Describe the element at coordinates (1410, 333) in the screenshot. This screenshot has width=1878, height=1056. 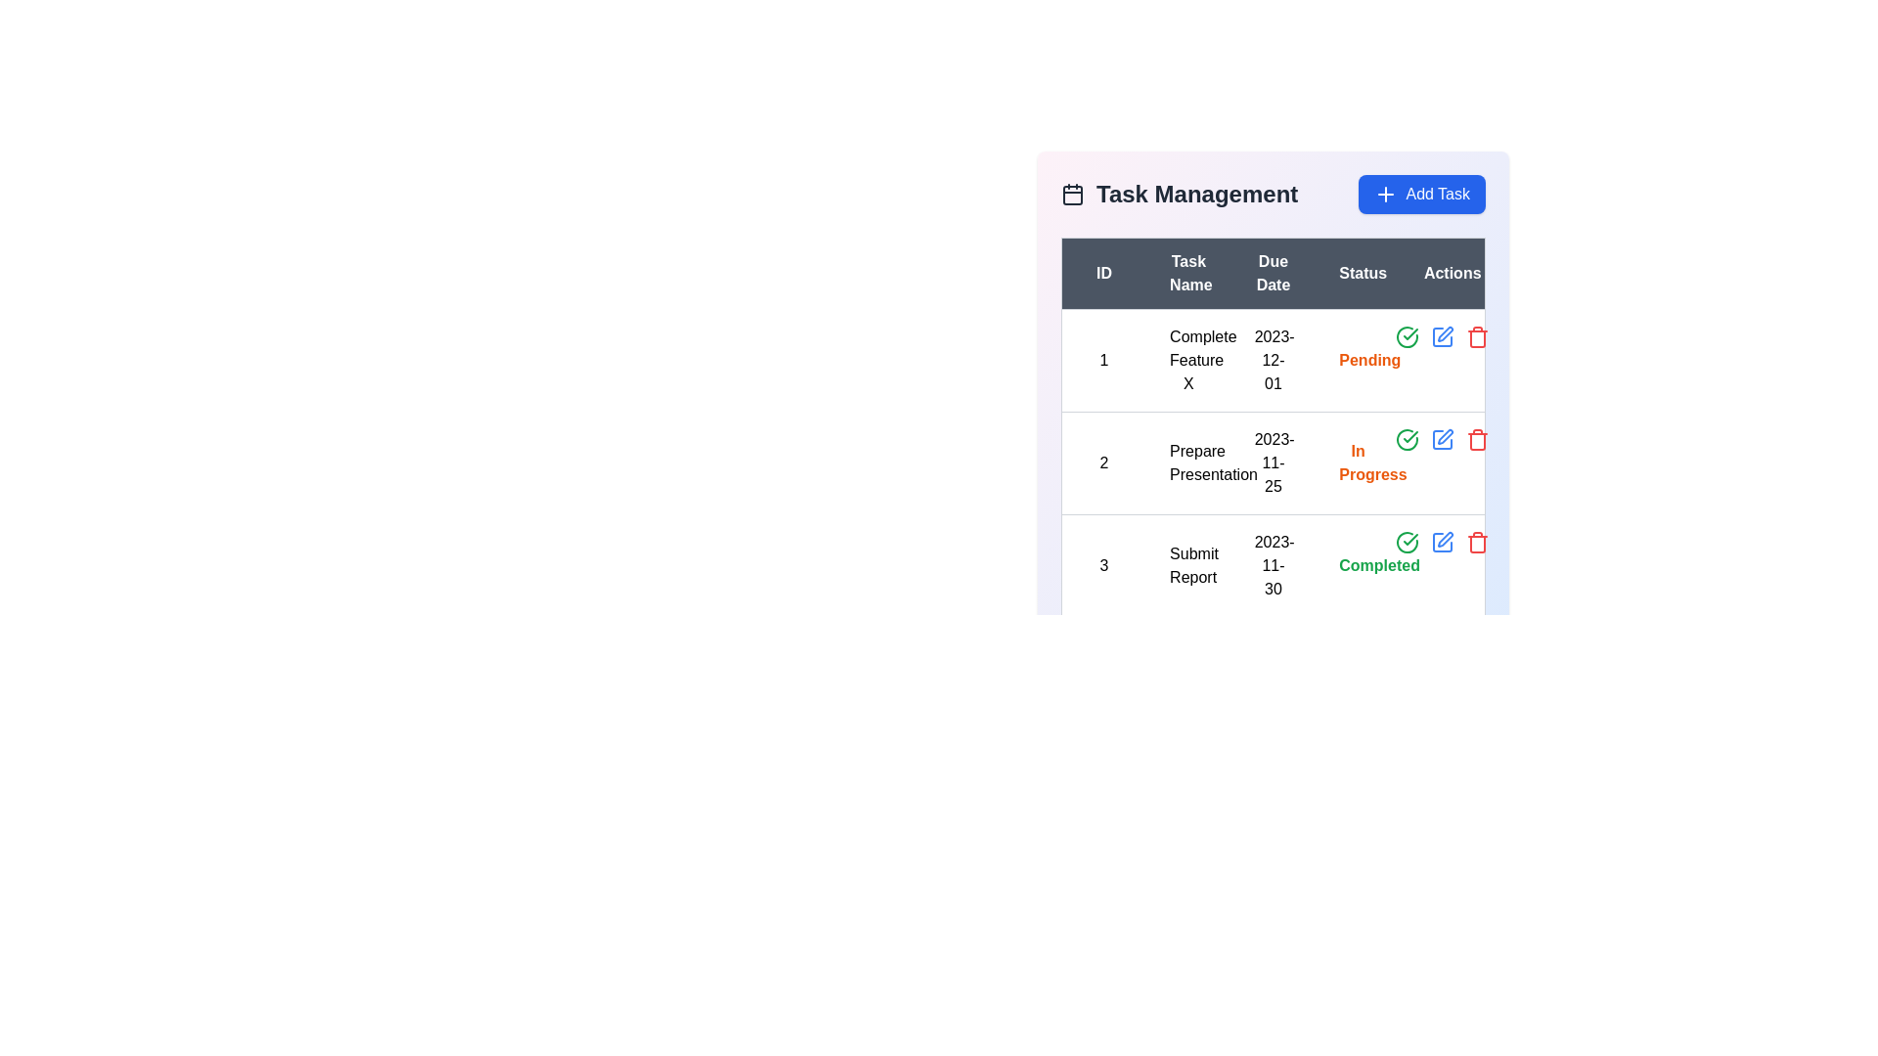
I see `the green checkmark icon located in the 'Actions' column of the third row in the task table, which signifies a completed or confirmed status` at that location.